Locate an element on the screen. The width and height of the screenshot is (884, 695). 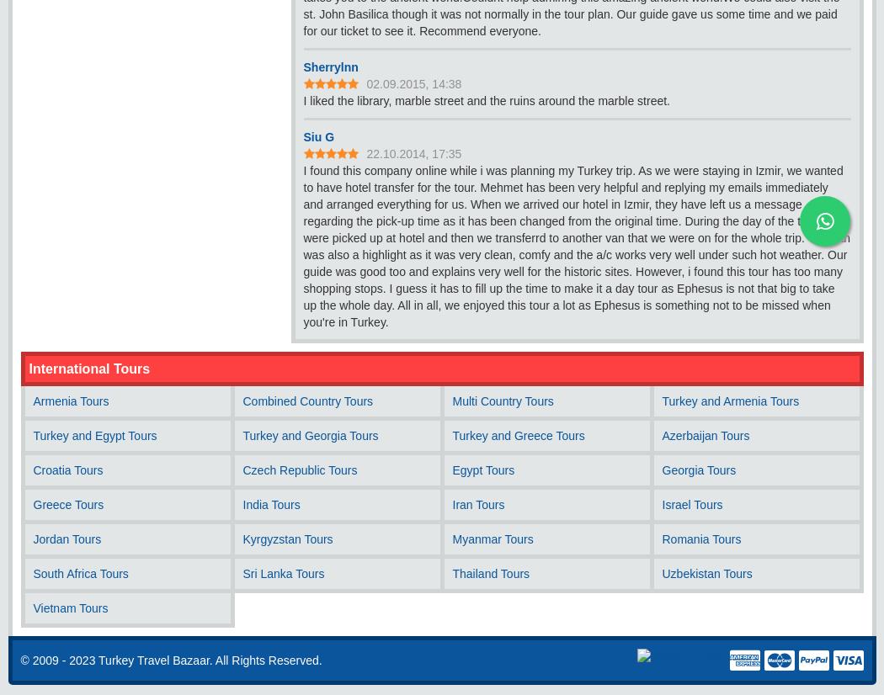
'Jordan Tours' is located at coordinates (67, 538).